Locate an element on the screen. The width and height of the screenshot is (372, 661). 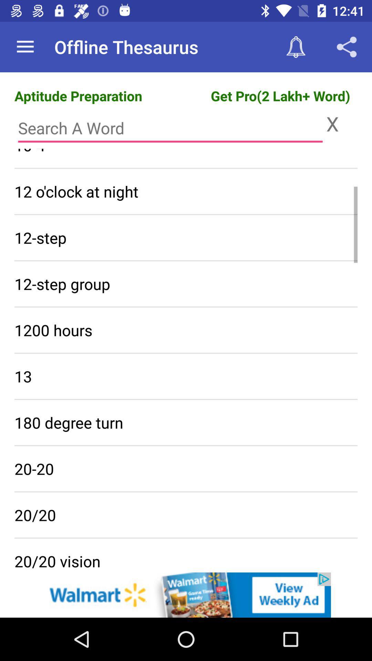
advertisent page is located at coordinates (186, 595).